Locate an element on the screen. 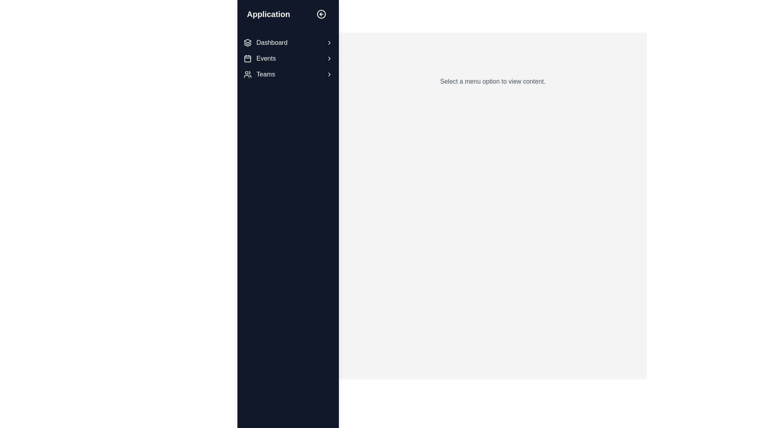 Image resolution: width=761 pixels, height=428 pixels. the 'Dashboard' menu item icon located in the left sidebar is located at coordinates (247, 43).